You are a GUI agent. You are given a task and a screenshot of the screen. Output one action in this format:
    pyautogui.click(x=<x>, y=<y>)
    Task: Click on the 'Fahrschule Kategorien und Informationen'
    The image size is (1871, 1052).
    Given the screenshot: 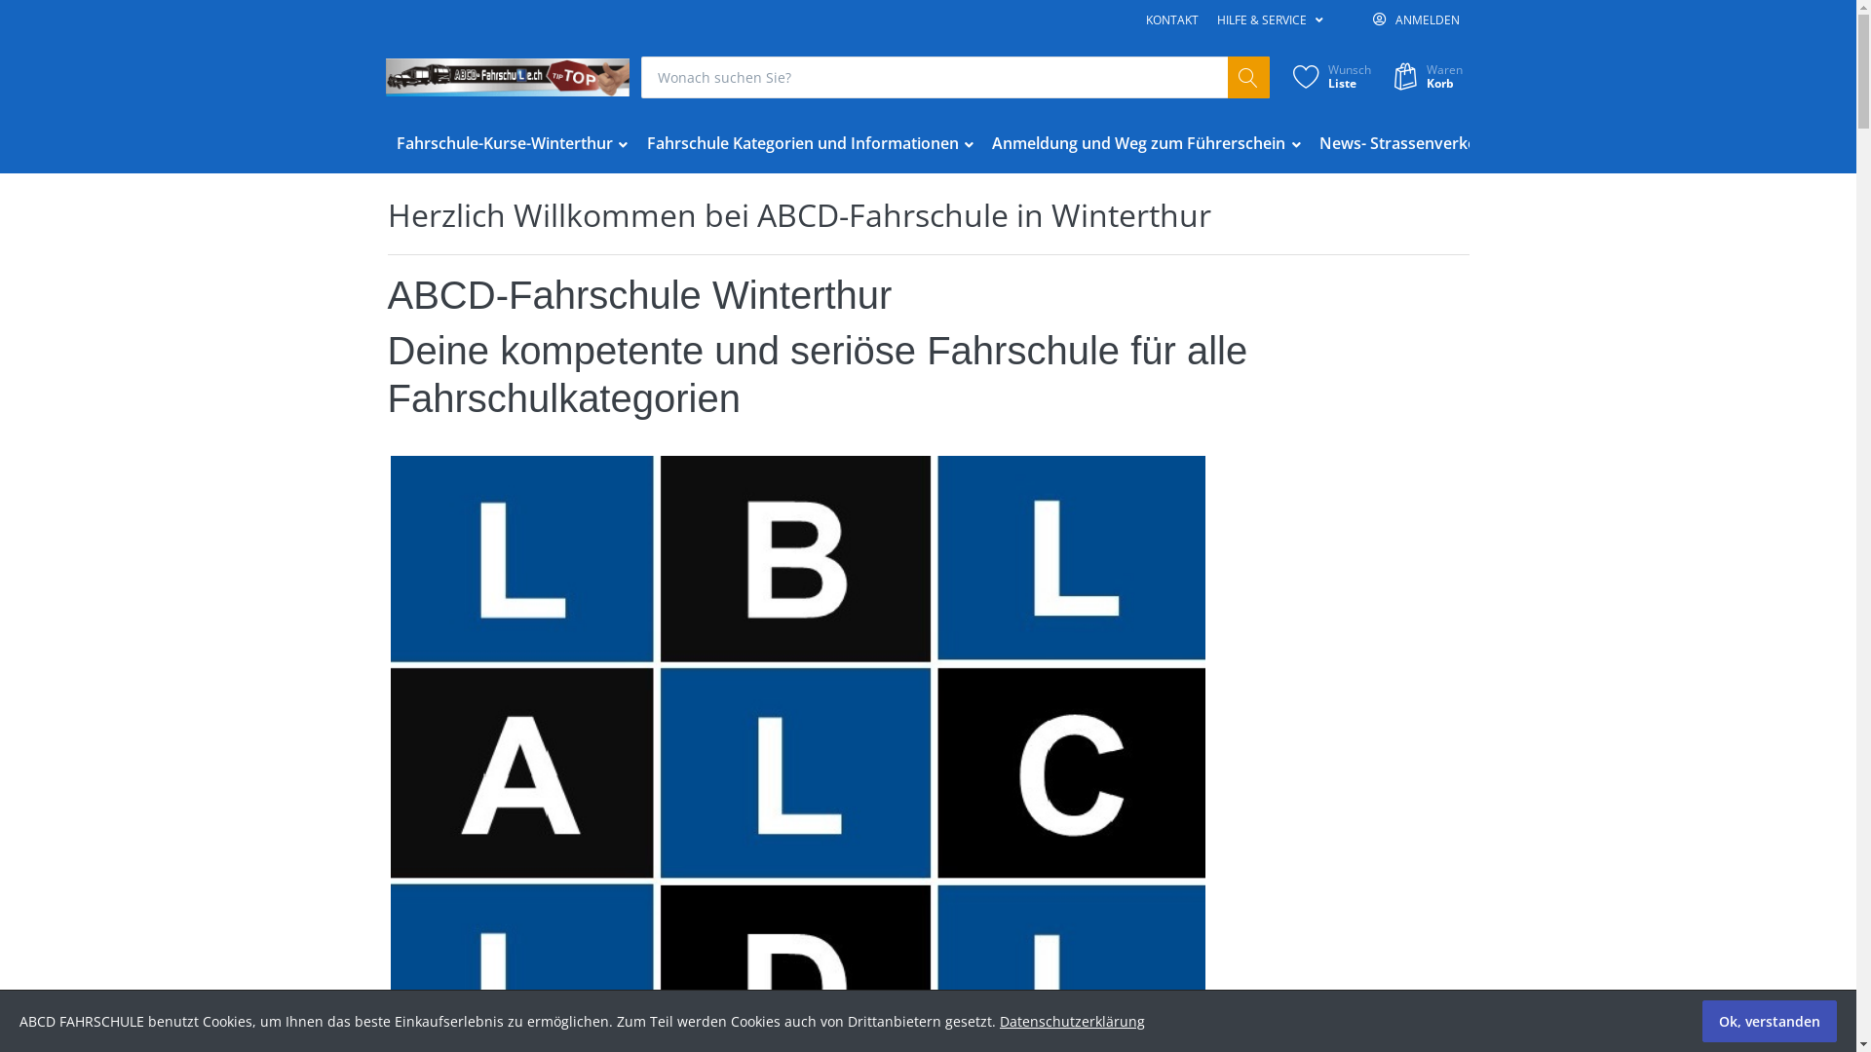 What is the action you would take?
    pyautogui.click(x=810, y=142)
    